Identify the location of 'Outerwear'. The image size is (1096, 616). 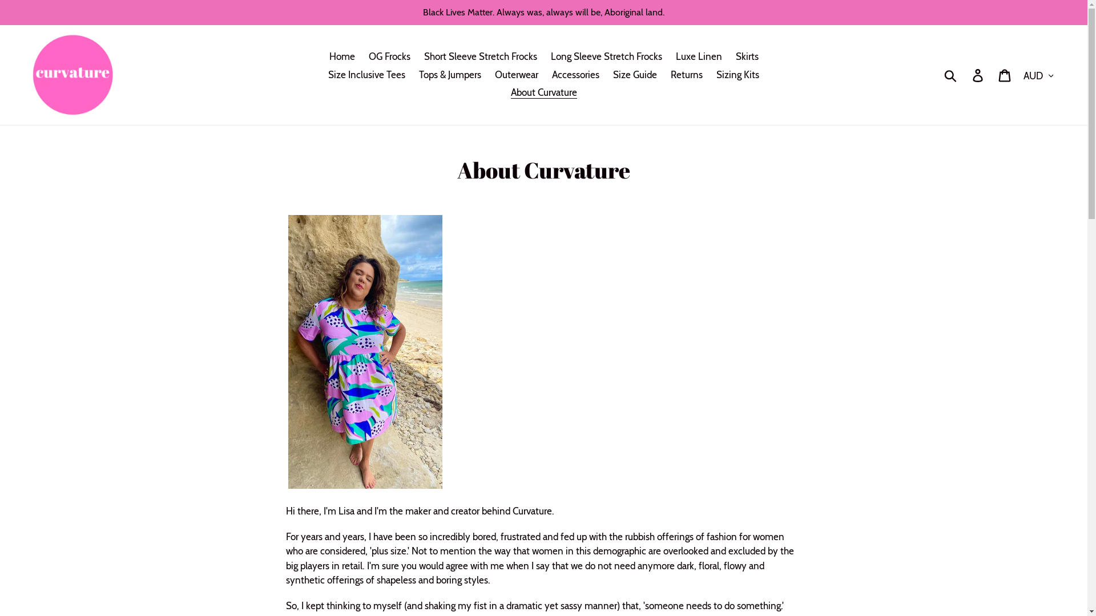
(516, 75).